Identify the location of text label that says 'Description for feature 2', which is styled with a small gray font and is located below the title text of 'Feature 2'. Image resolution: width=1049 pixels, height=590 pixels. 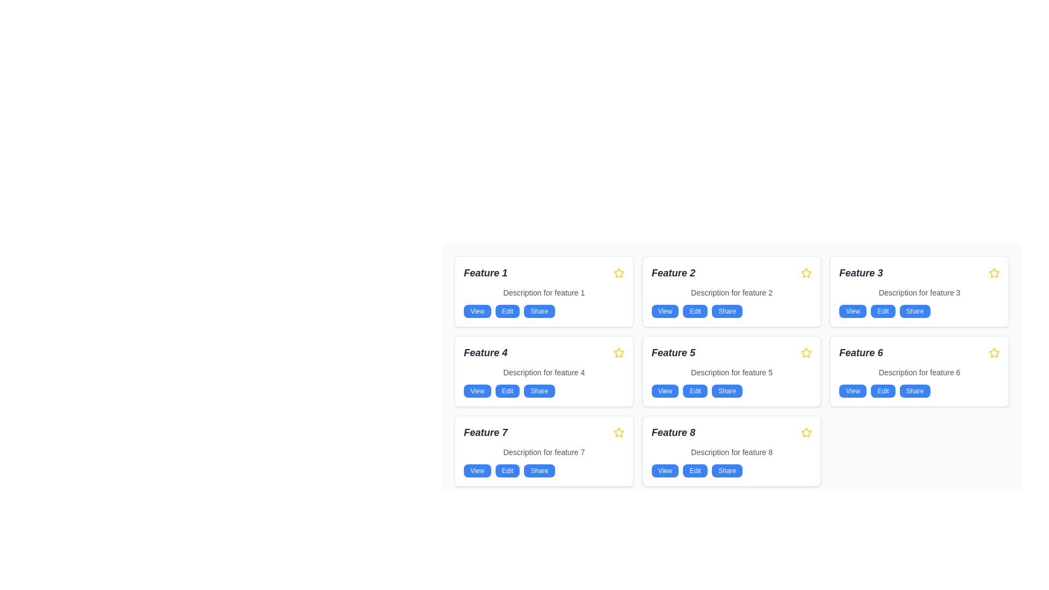
(732, 292).